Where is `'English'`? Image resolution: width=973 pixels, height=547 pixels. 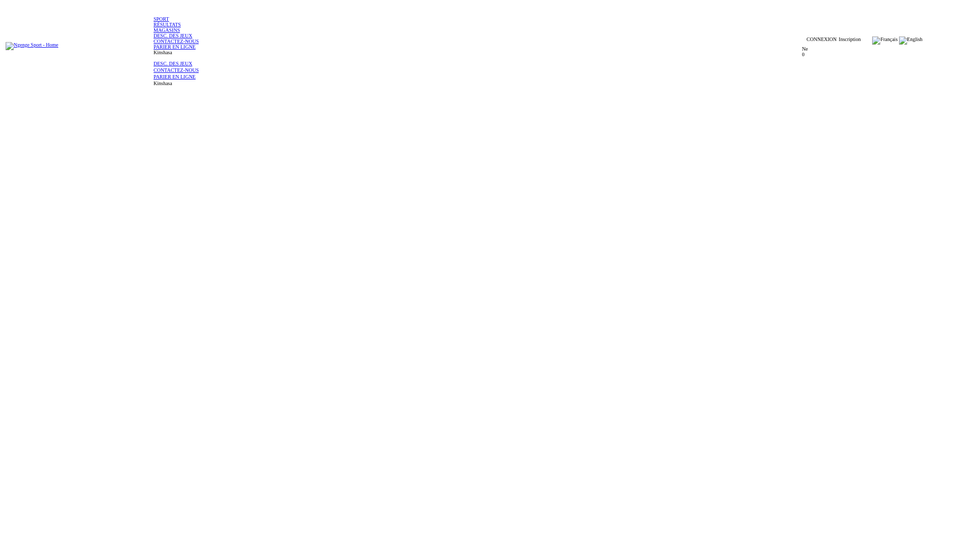
'English' is located at coordinates (911, 40).